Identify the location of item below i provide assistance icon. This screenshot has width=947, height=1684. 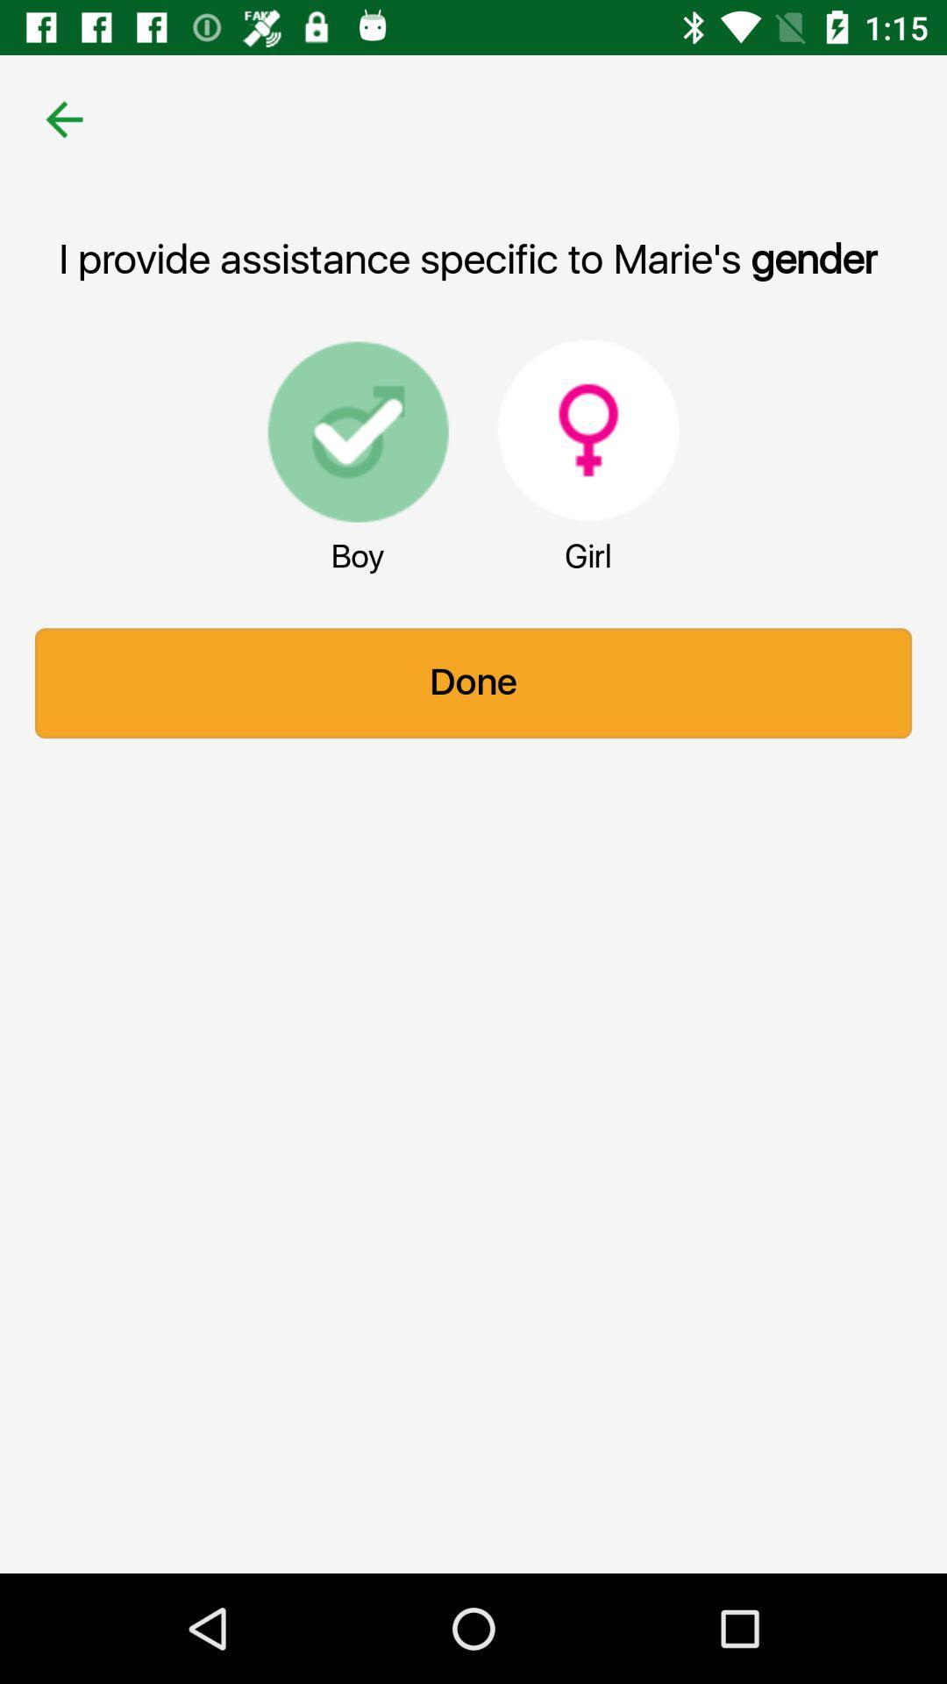
(357, 430).